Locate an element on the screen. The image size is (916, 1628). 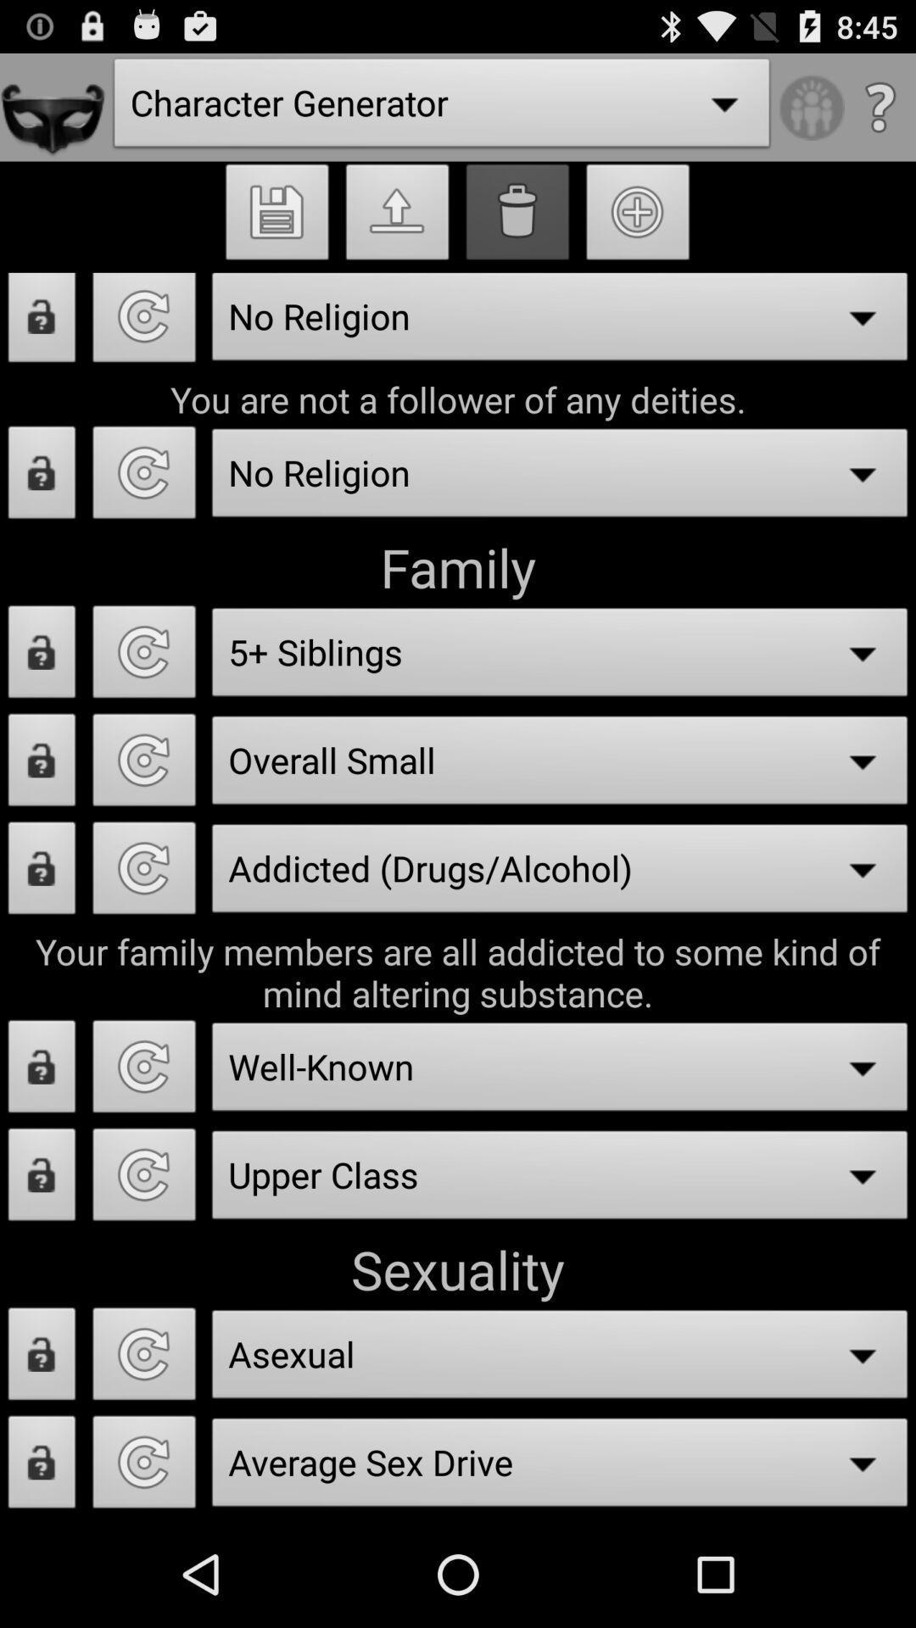
lock page is located at coordinates (41, 324).